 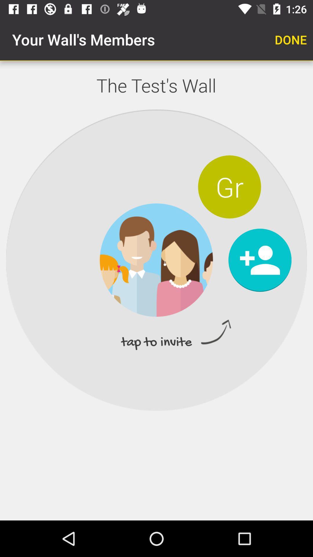 What do you see at coordinates (260, 260) in the screenshot?
I see `family member` at bounding box center [260, 260].